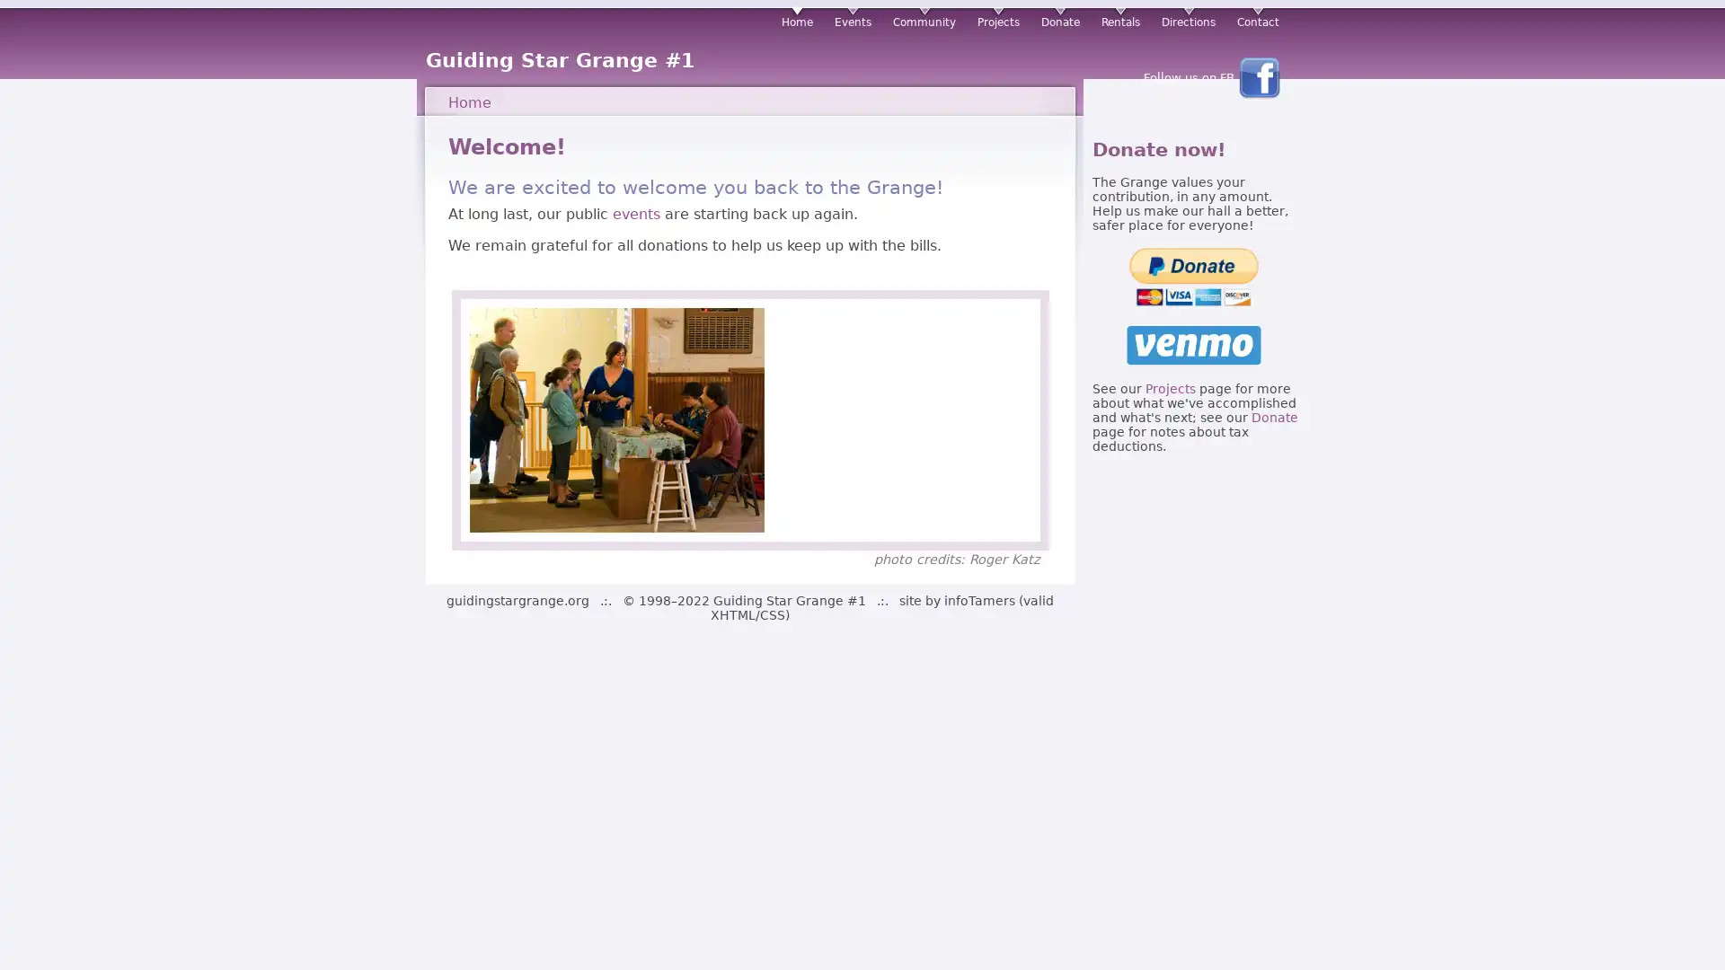  I want to click on PayPal - The safer, easier way to pay online!, so click(1193, 277).